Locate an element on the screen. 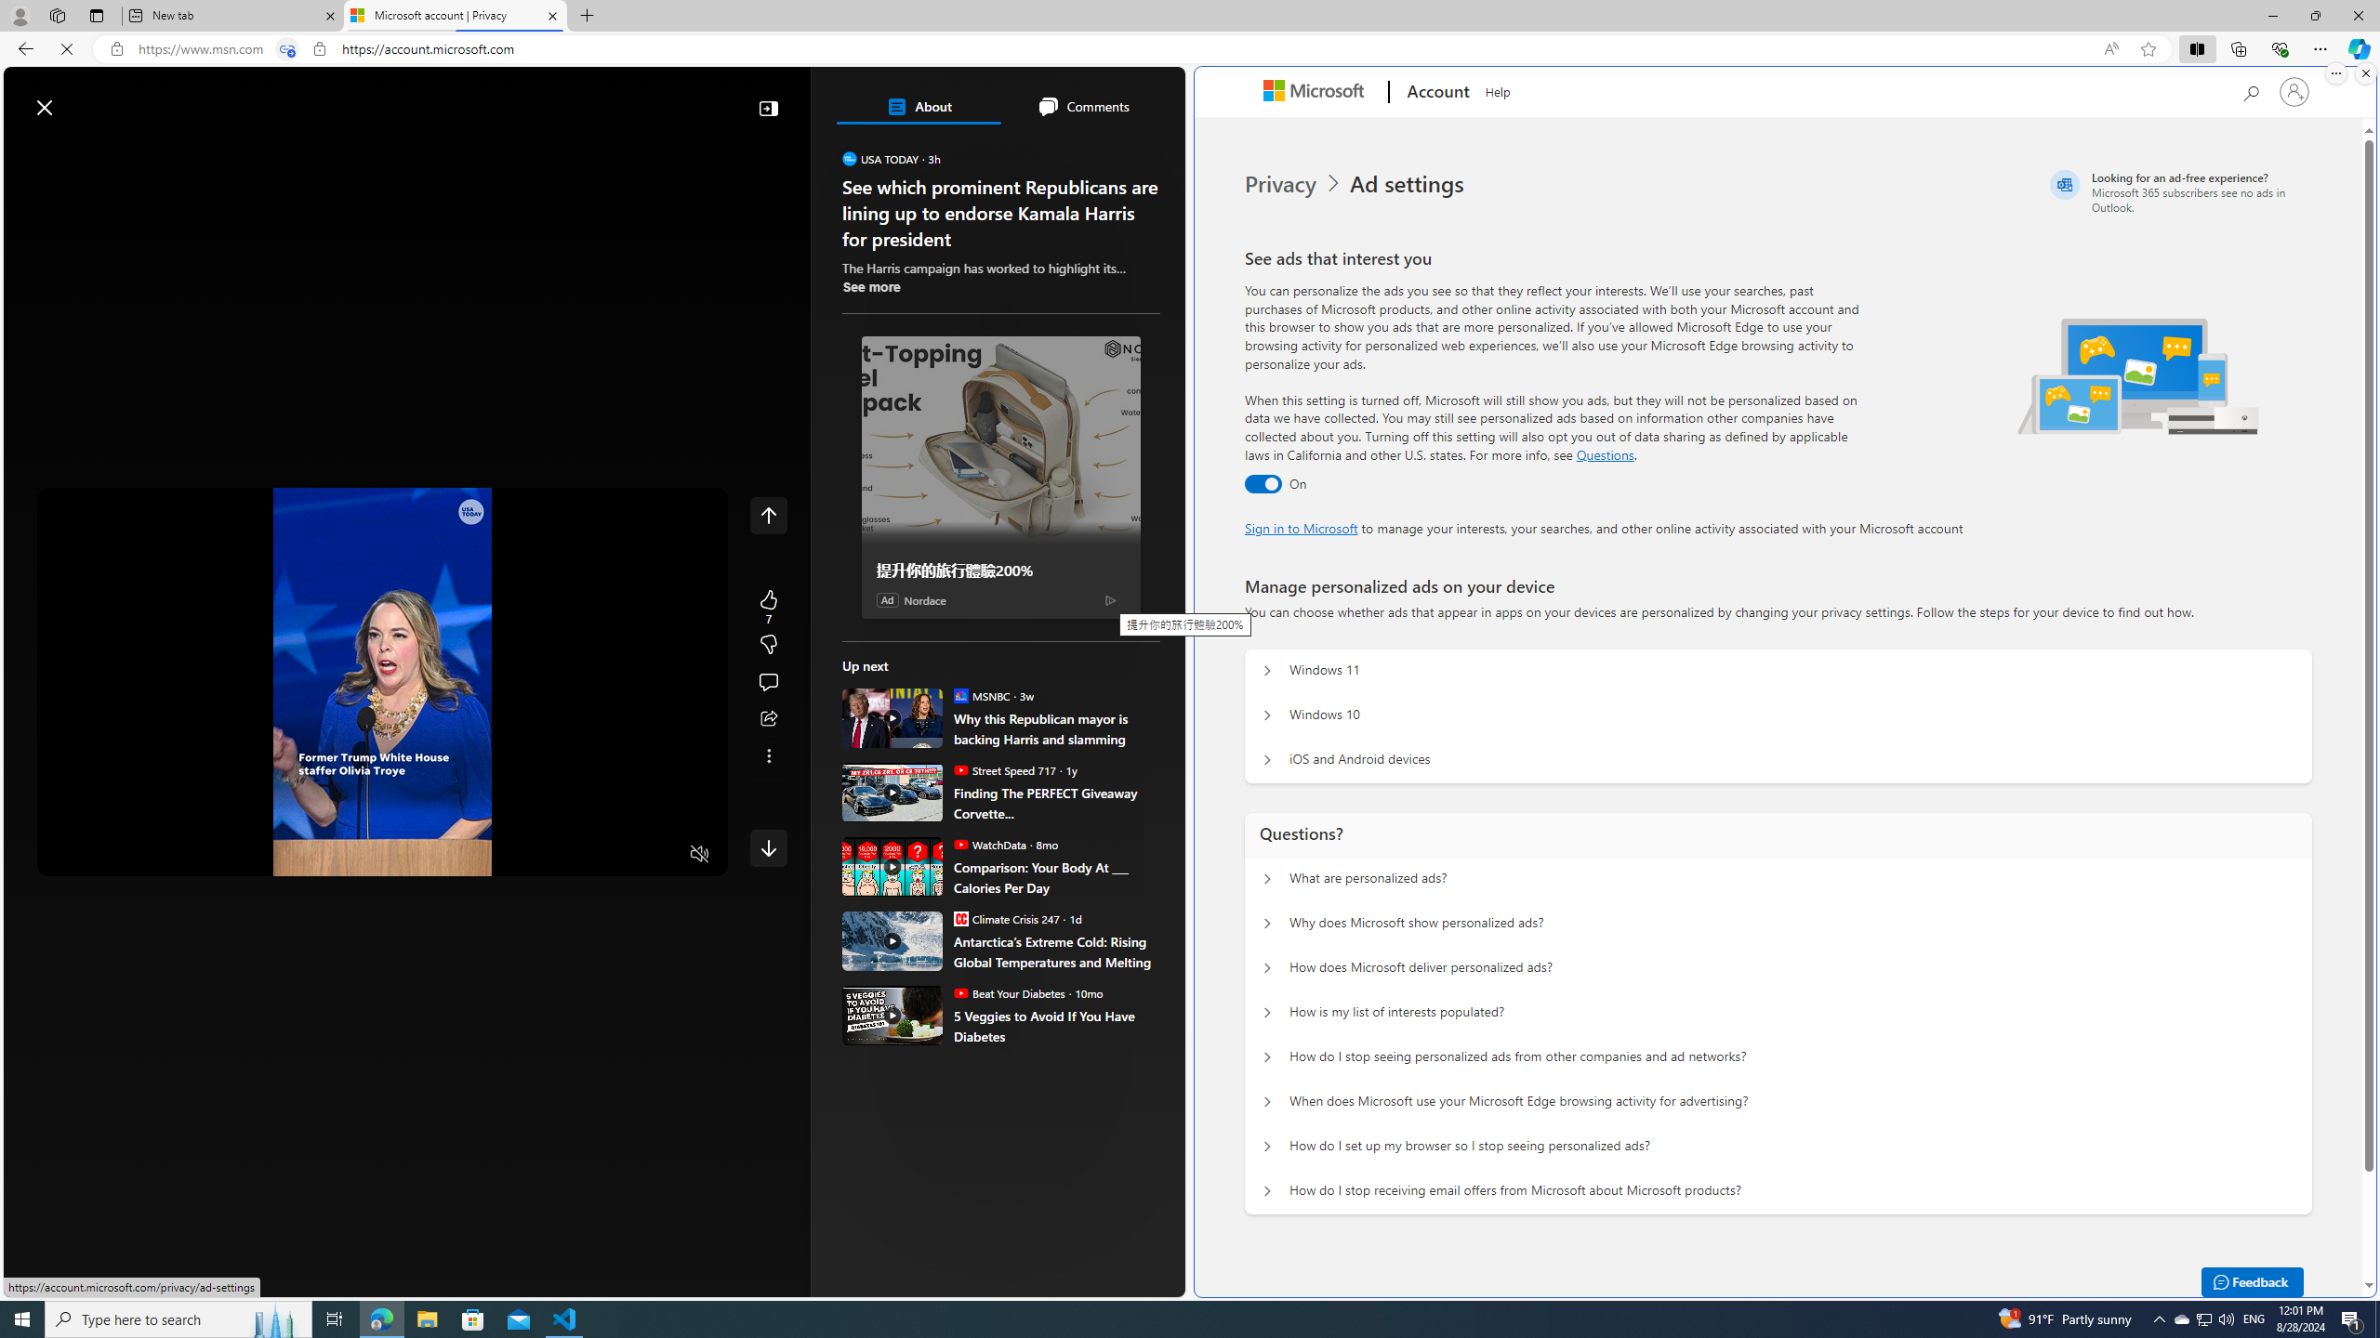 The width and height of the screenshot is (2380, 1338). 'Beat Your Diabetes Beat Your Diabetes' is located at coordinates (1008, 992).